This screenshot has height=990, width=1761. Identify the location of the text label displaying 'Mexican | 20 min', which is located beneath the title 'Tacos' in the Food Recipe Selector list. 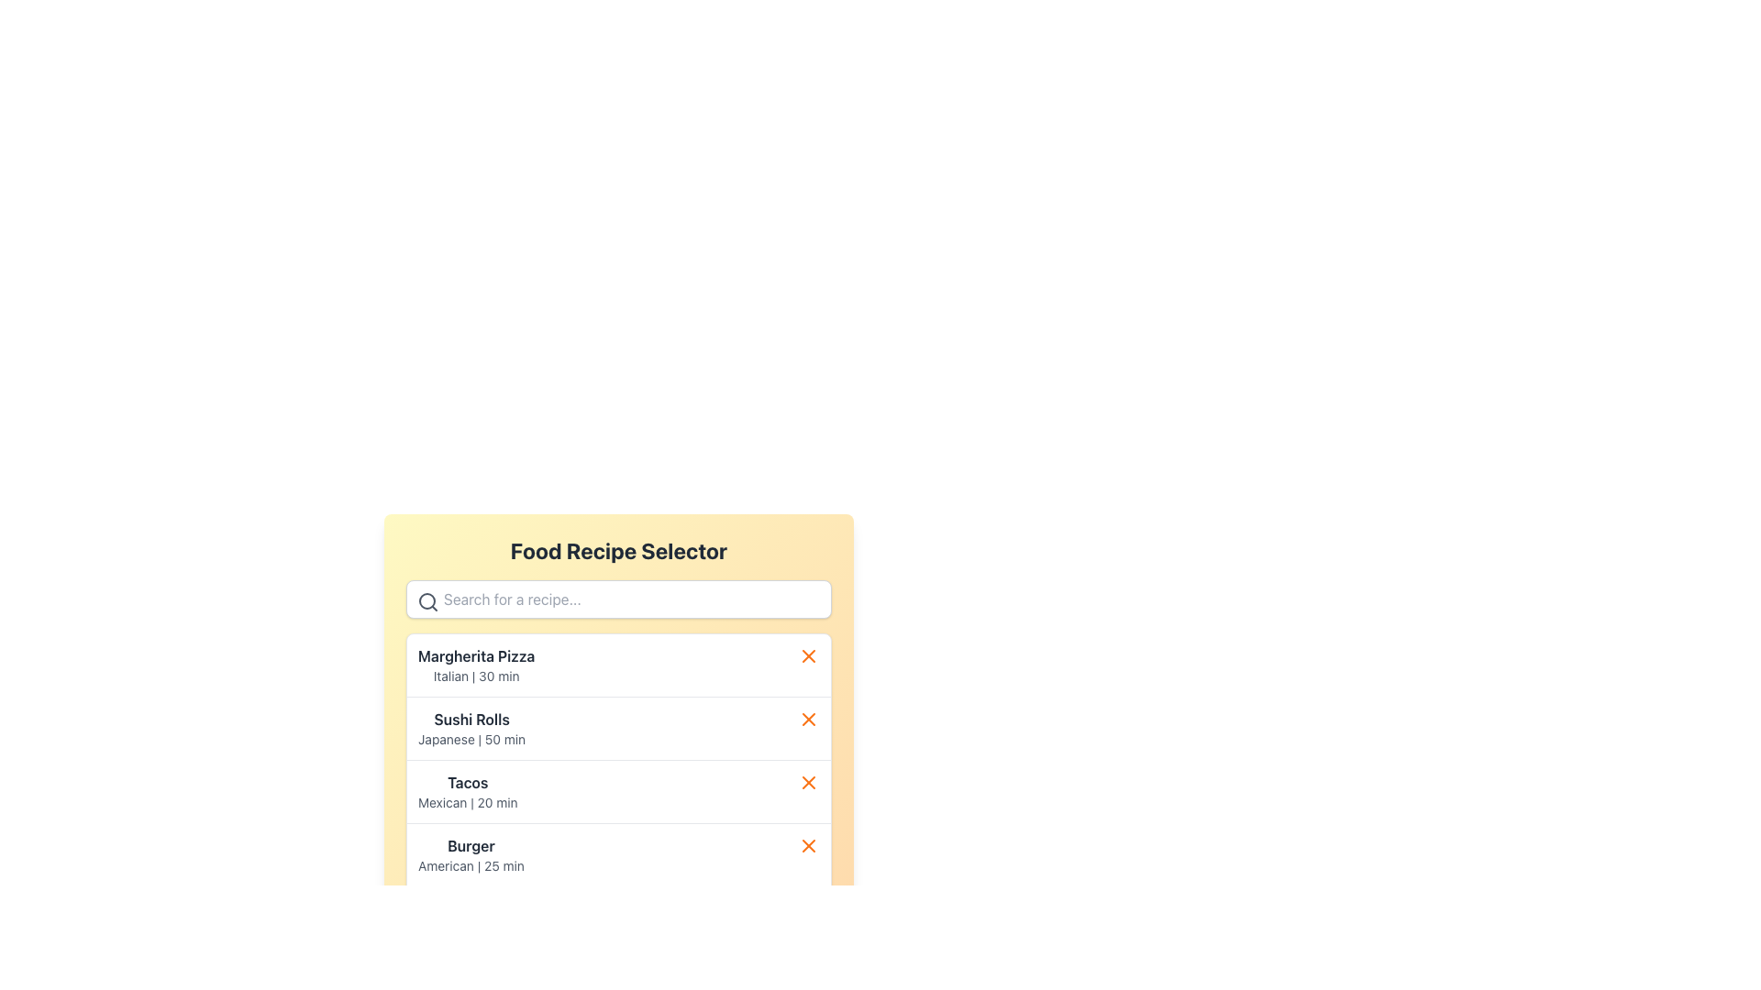
(468, 801).